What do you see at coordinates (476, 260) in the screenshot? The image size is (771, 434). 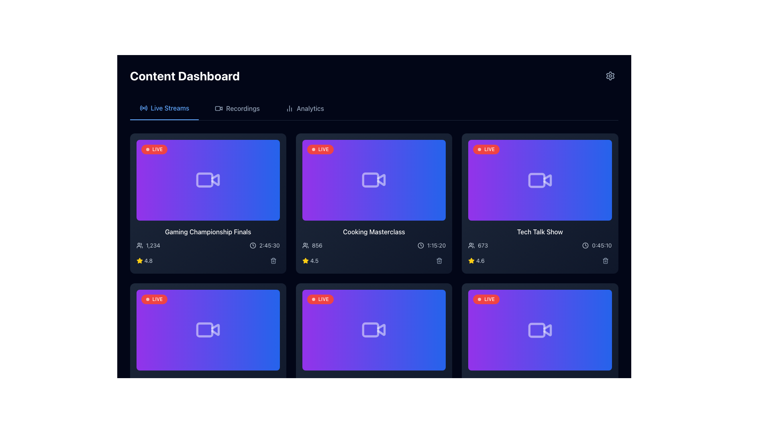 I see `the Label with icon (rating display) located in the third column and second row of the grid layout, which serves as a visual indicator of a rating score` at bounding box center [476, 260].